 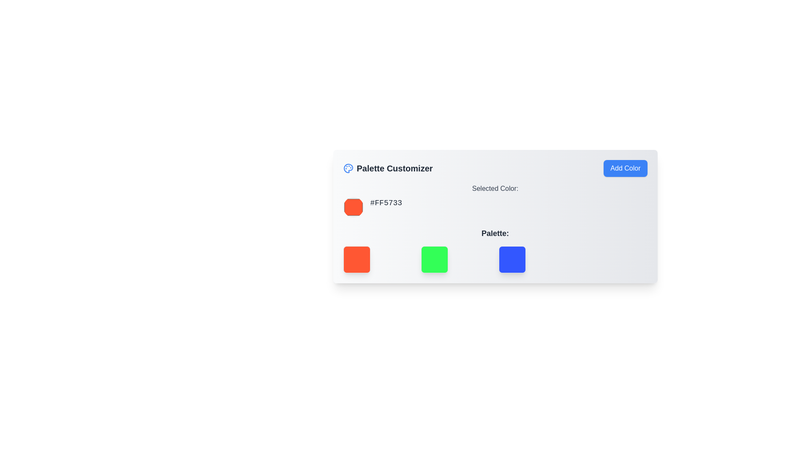 What do you see at coordinates (394, 168) in the screenshot?
I see `the header text displaying 'Palette Customizer', which is styled in bold and dark gray, located at the top-left area of the interface` at bounding box center [394, 168].